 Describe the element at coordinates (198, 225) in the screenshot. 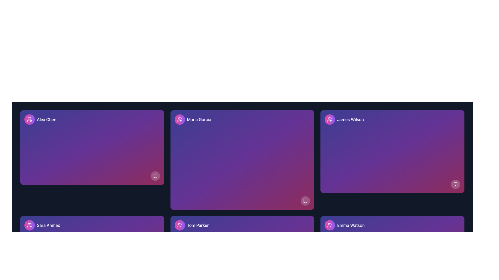

I see `the user name label located at the bottom left corner of the card, adjacent to the user's profile icon` at that location.